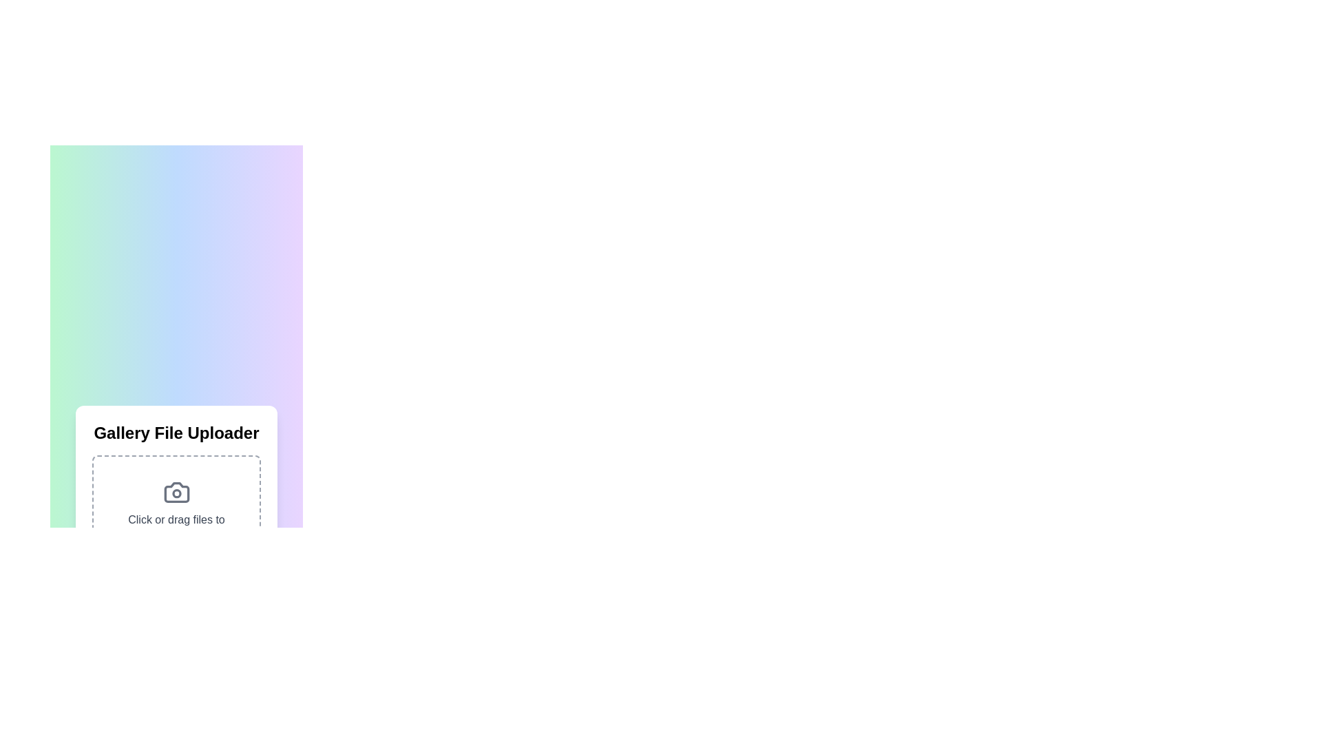 The height and width of the screenshot is (744, 1322). Describe the element at coordinates (176, 493) in the screenshot. I see `the decorative SVG circle element representing the lens of the camera icon, which is centered within the 'Gallery File Uploader' component` at that location.